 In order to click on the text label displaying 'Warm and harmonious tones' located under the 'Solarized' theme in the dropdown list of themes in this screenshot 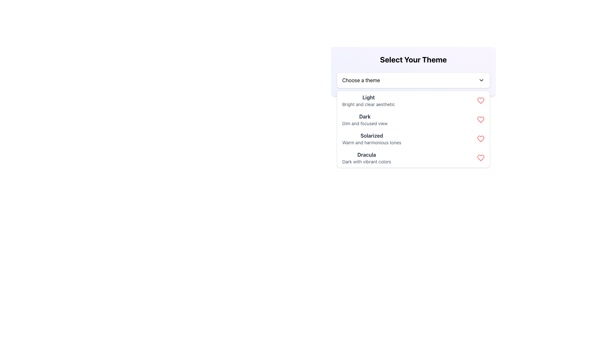, I will do `click(372, 142)`.